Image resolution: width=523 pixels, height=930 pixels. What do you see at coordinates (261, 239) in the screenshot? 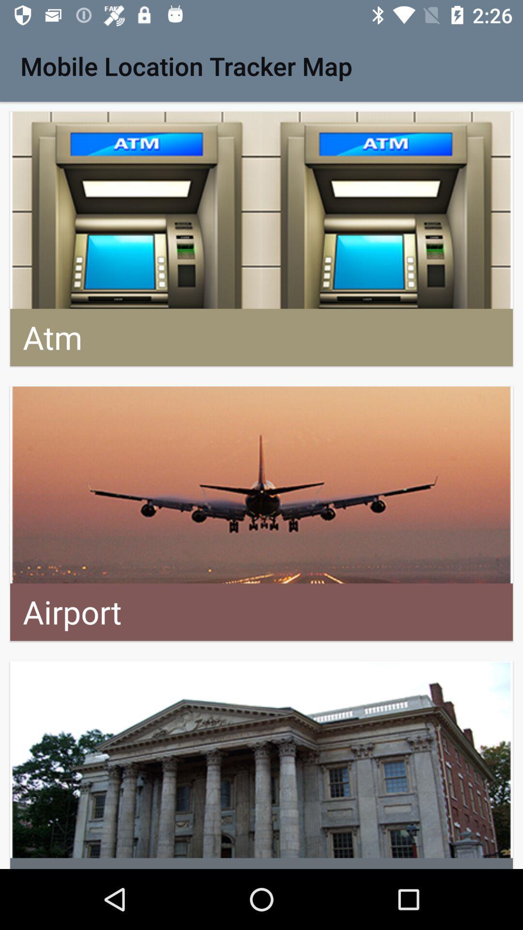
I see `atm option` at bounding box center [261, 239].